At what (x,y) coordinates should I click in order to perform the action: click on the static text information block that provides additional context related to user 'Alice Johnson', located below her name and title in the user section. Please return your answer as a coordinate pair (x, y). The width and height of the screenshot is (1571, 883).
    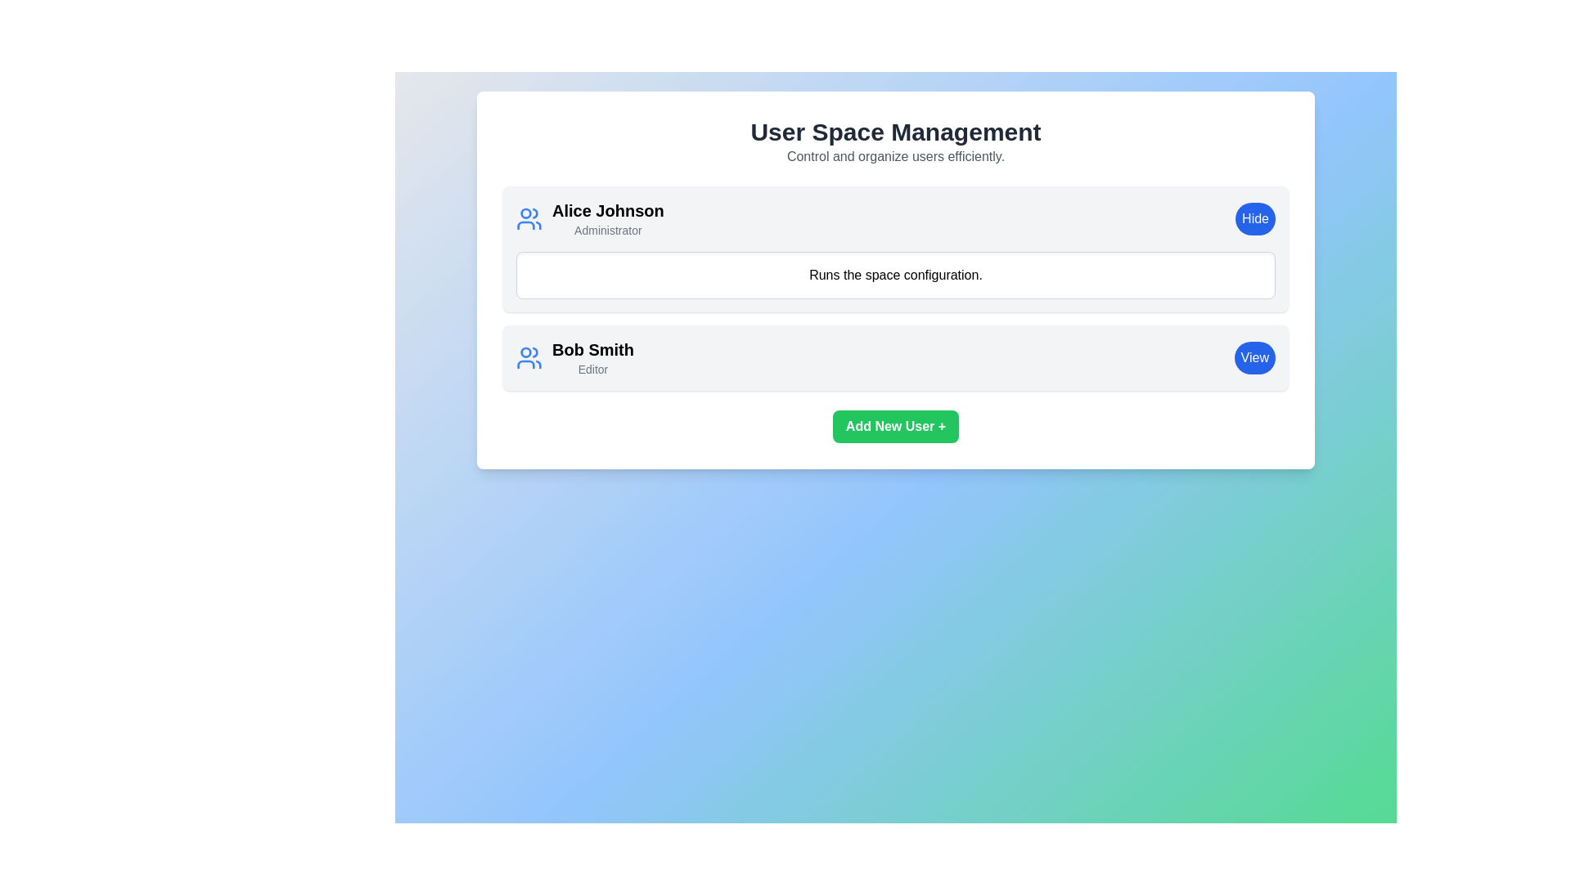
    Looking at the image, I should click on (894, 274).